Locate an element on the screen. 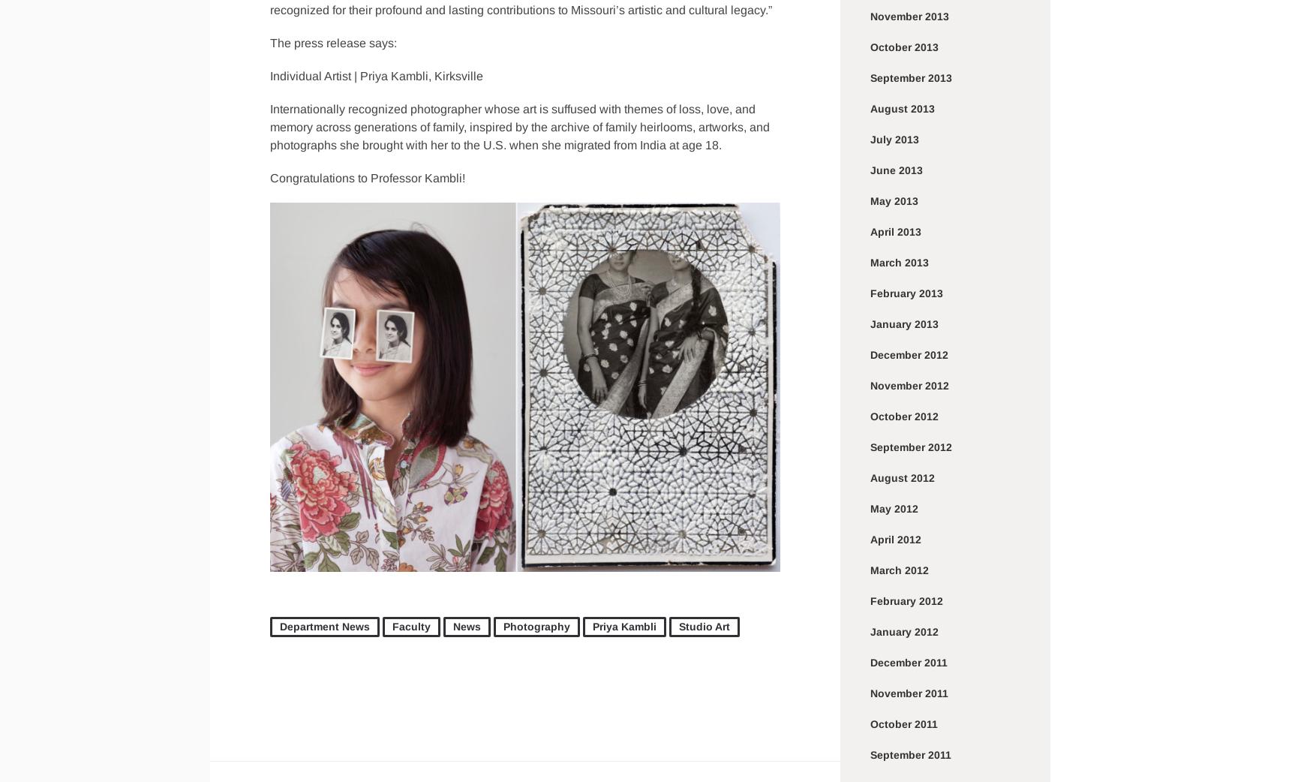  'February 2013' is located at coordinates (906, 292).